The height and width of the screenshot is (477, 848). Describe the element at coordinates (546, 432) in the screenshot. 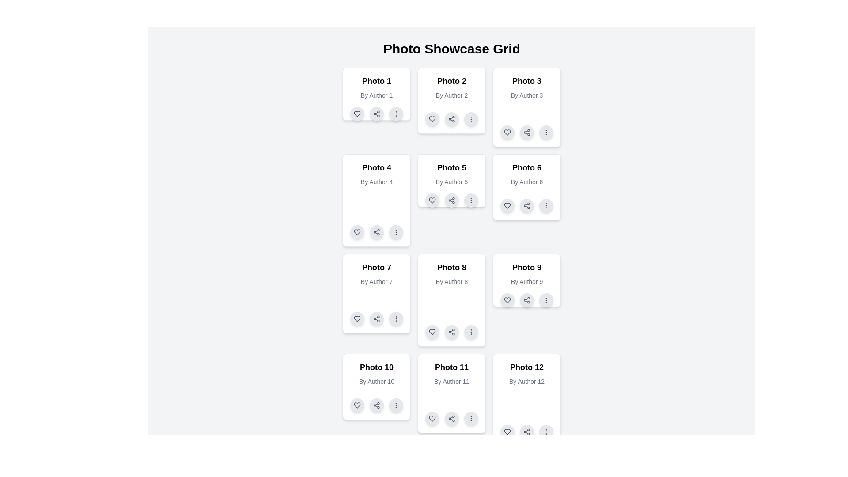

I see `the vertical ellipsis icon button located at the bottom-right corner of the Photo 12 card` at that location.